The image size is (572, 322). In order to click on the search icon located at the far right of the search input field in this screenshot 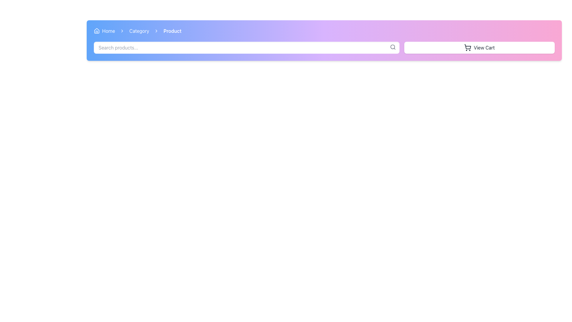, I will do `click(393, 47)`.